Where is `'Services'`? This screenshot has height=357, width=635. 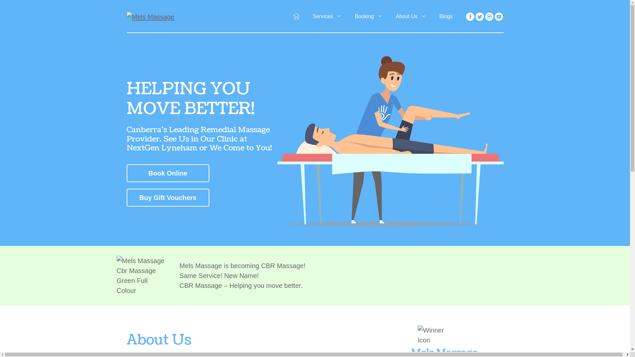
'Services' is located at coordinates (327, 16).